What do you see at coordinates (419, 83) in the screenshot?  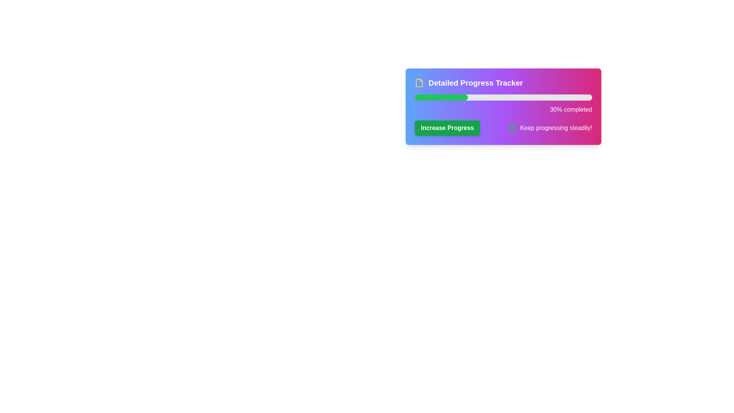 I see `the decorative icon located at the left edge of the header section of the card, adjacent to the text 'Detailed Progress Tracker'` at bounding box center [419, 83].